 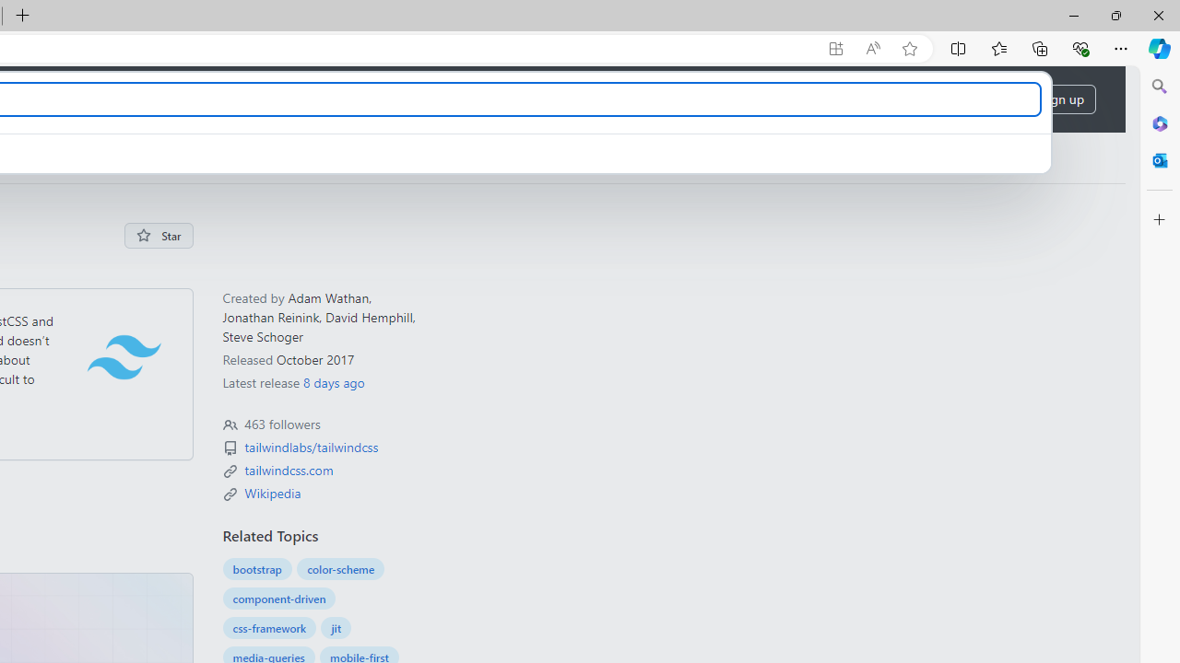 I want to click on 'Sign up', so click(x=1062, y=99).